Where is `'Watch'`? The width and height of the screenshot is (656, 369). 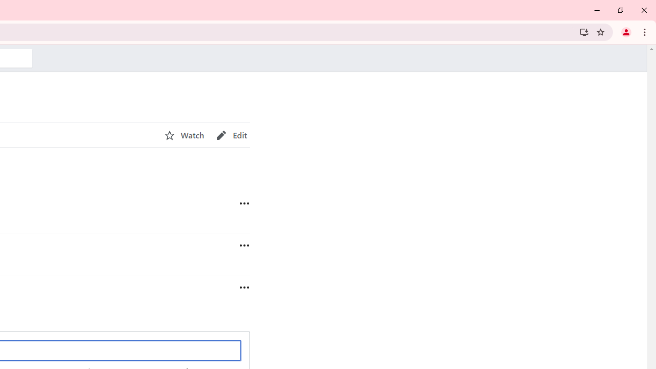
'Watch' is located at coordinates (184, 135).